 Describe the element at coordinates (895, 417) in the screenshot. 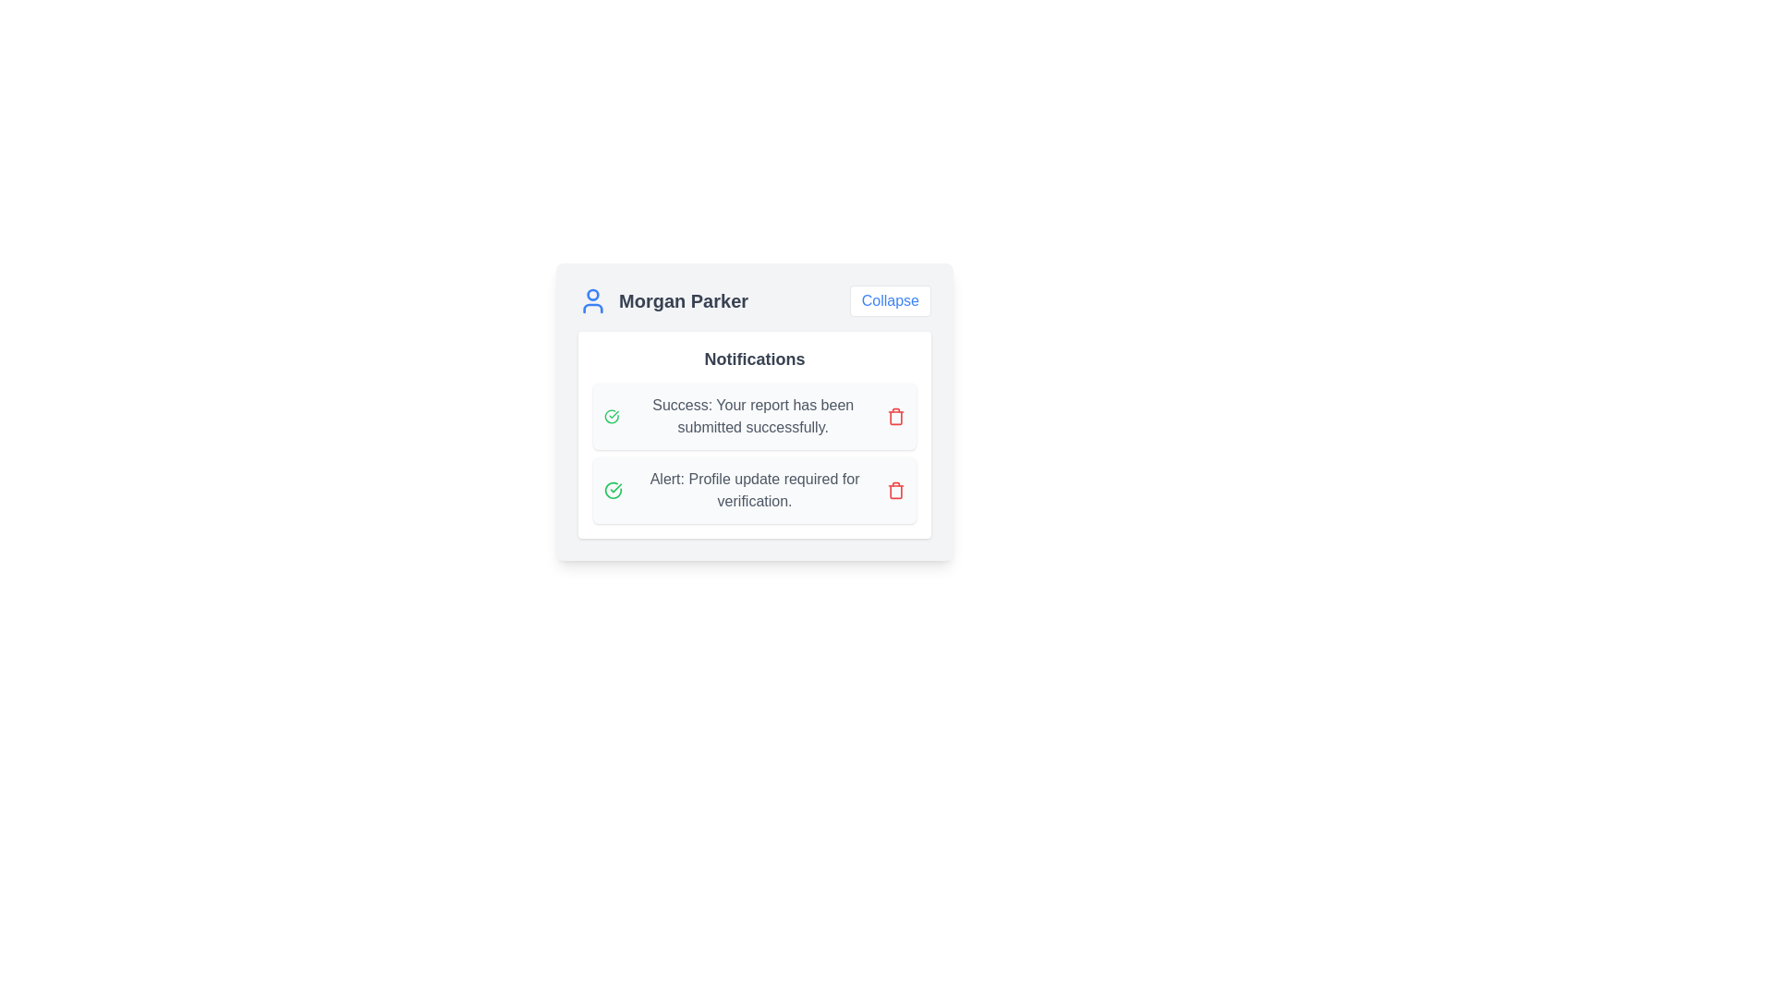

I see `the deletion button located in the upper notification section, adjacent to the notification text for 'Success: Your report has been submitted successfully.'` at that location.